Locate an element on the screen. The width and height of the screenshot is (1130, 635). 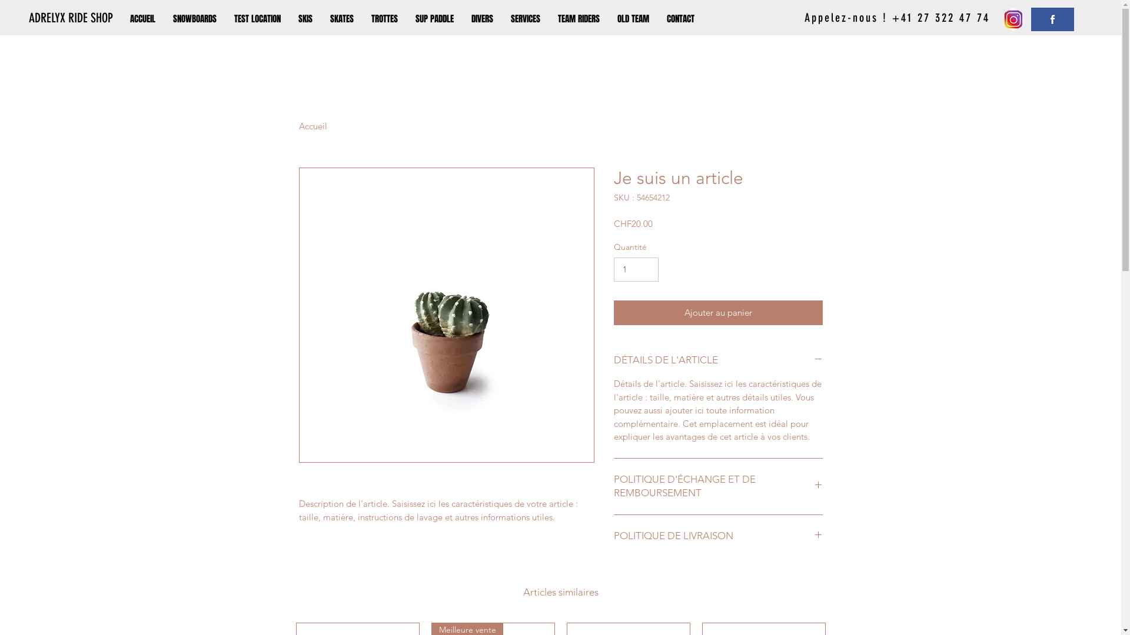
'SERVICES' is located at coordinates (524, 18).